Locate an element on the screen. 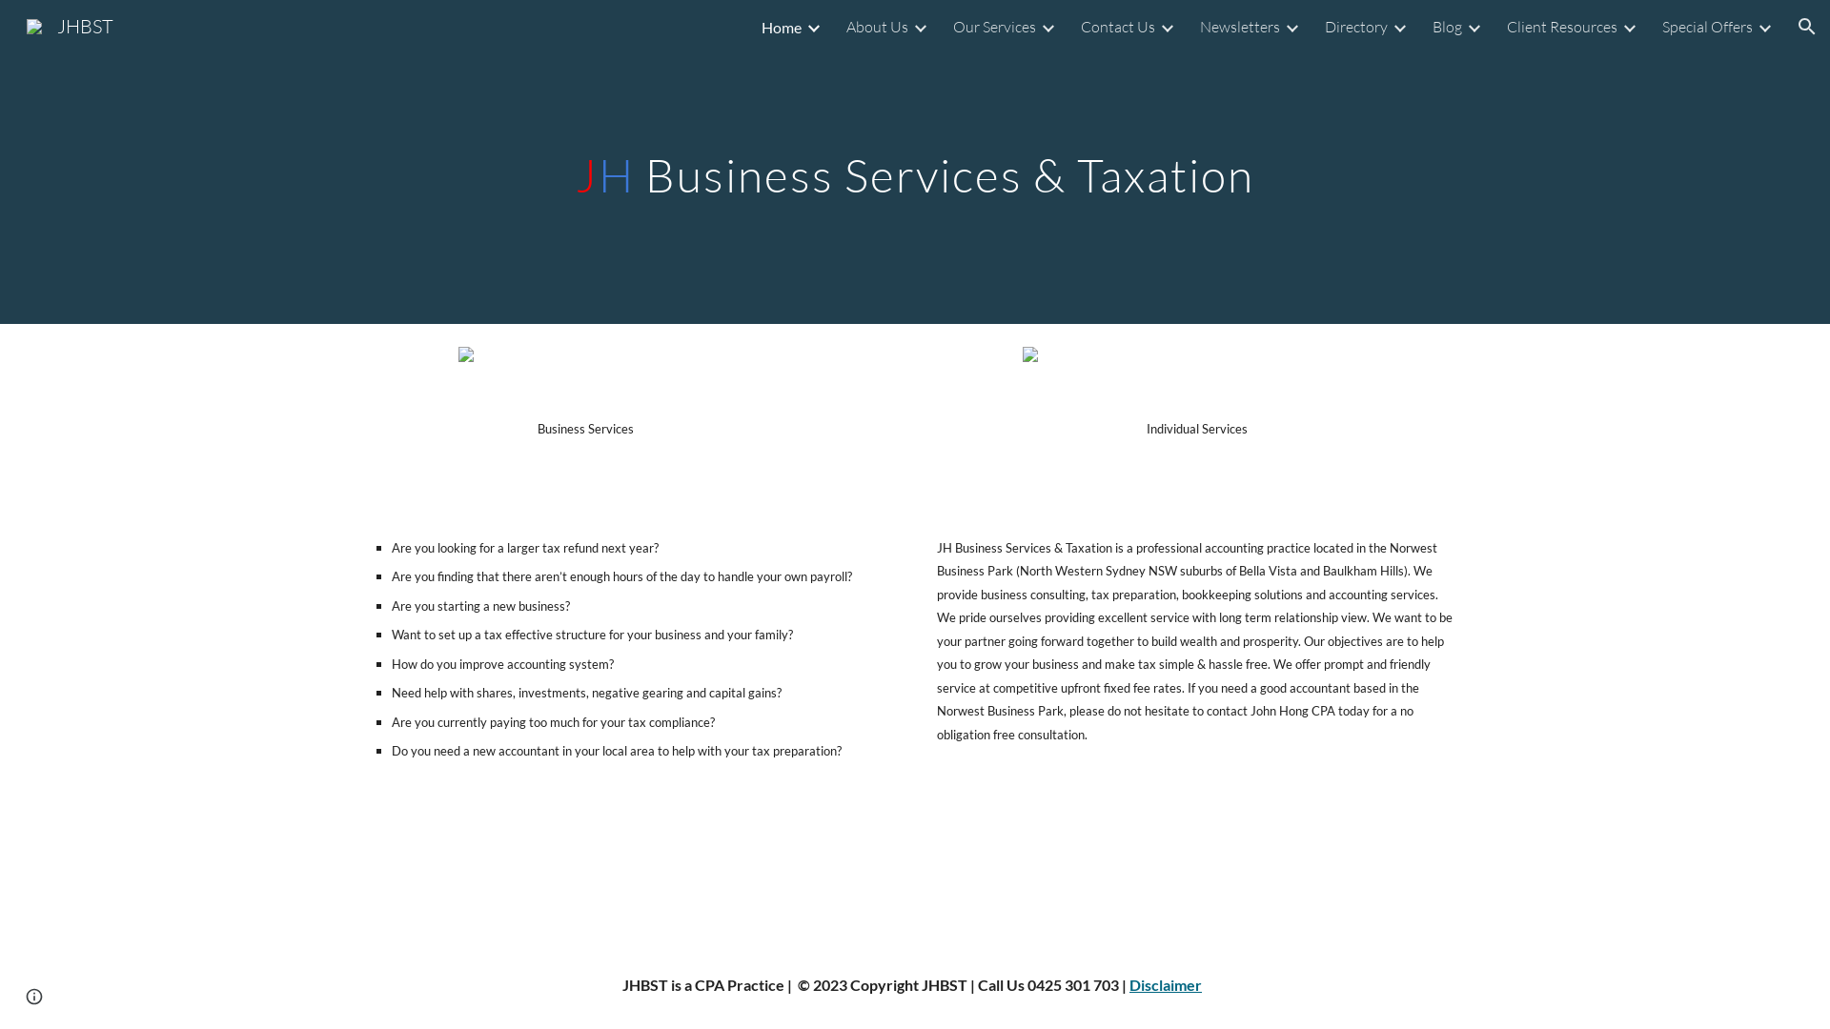  'Expand/Collapse' is located at coordinates (1047, 26).